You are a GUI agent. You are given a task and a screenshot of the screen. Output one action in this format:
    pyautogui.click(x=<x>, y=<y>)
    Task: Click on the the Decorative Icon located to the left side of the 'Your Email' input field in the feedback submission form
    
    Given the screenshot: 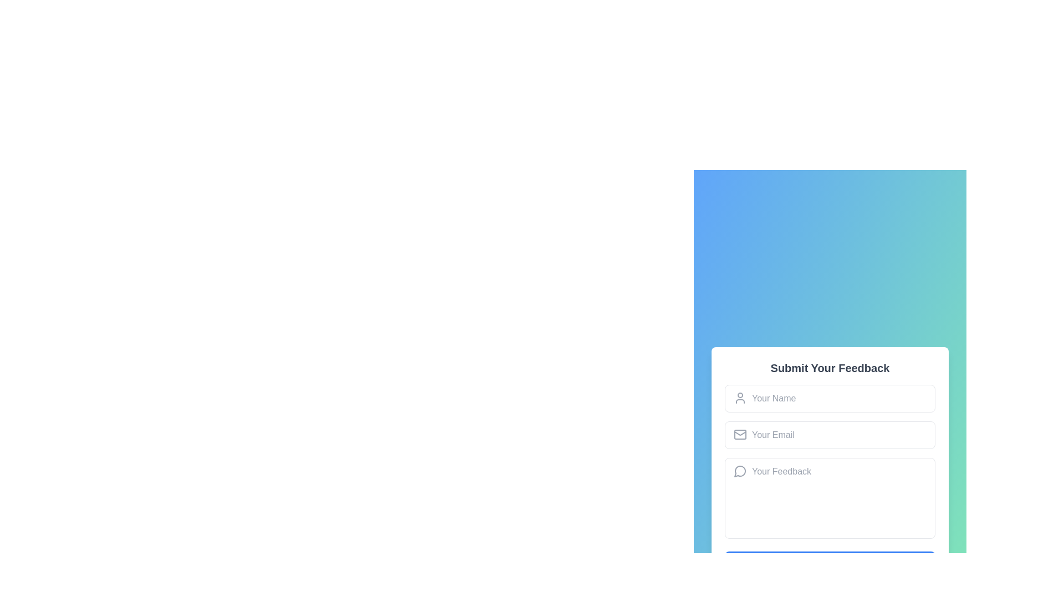 What is the action you would take?
    pyautogui.click(x=740, y=433)
    